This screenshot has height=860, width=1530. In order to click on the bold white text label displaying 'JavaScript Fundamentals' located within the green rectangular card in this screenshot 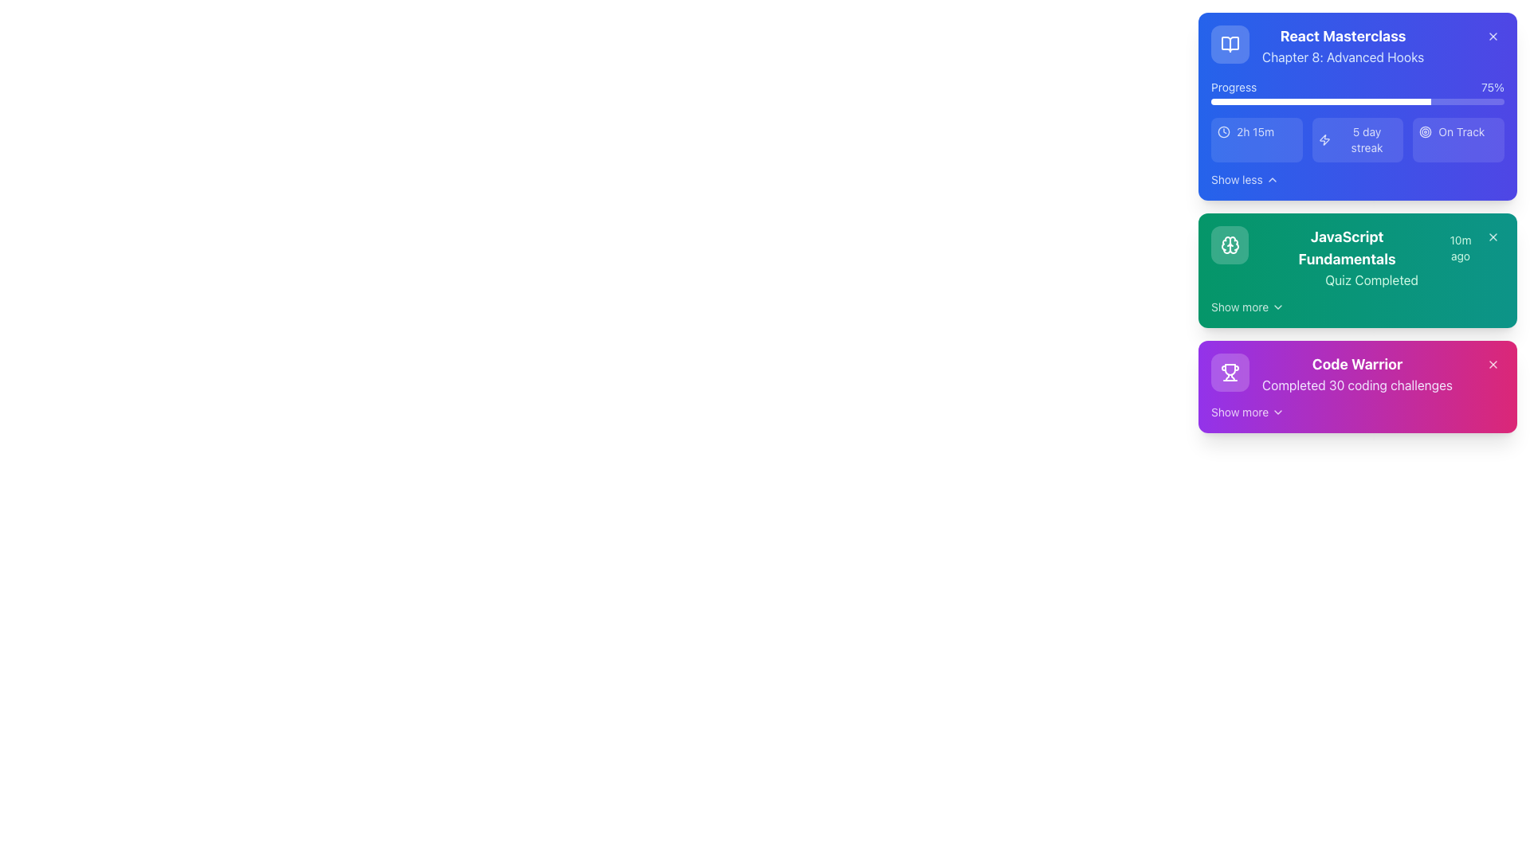, I will do `click(1346, 248)`.